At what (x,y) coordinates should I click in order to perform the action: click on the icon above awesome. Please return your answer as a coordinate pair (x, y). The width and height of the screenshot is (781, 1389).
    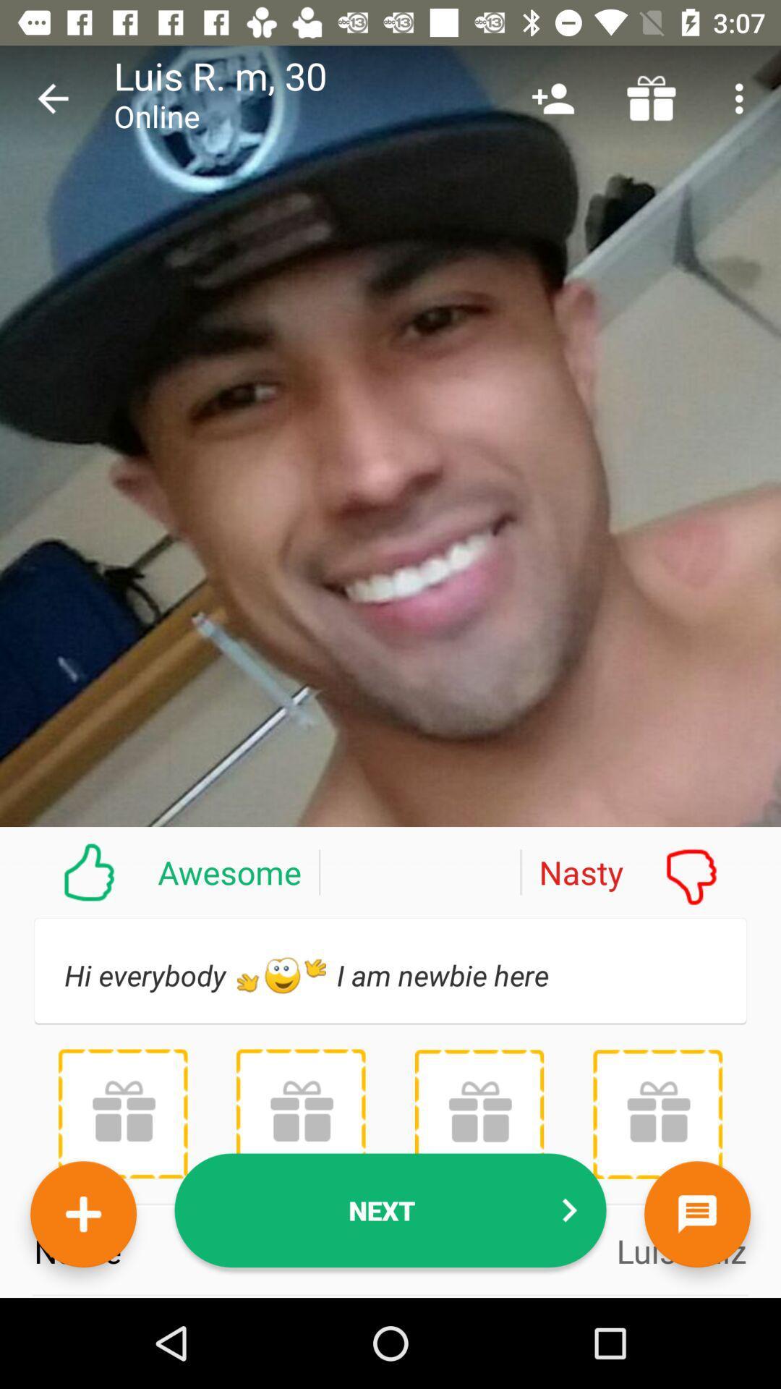
    Looking at the image, I should click on (52, 98).